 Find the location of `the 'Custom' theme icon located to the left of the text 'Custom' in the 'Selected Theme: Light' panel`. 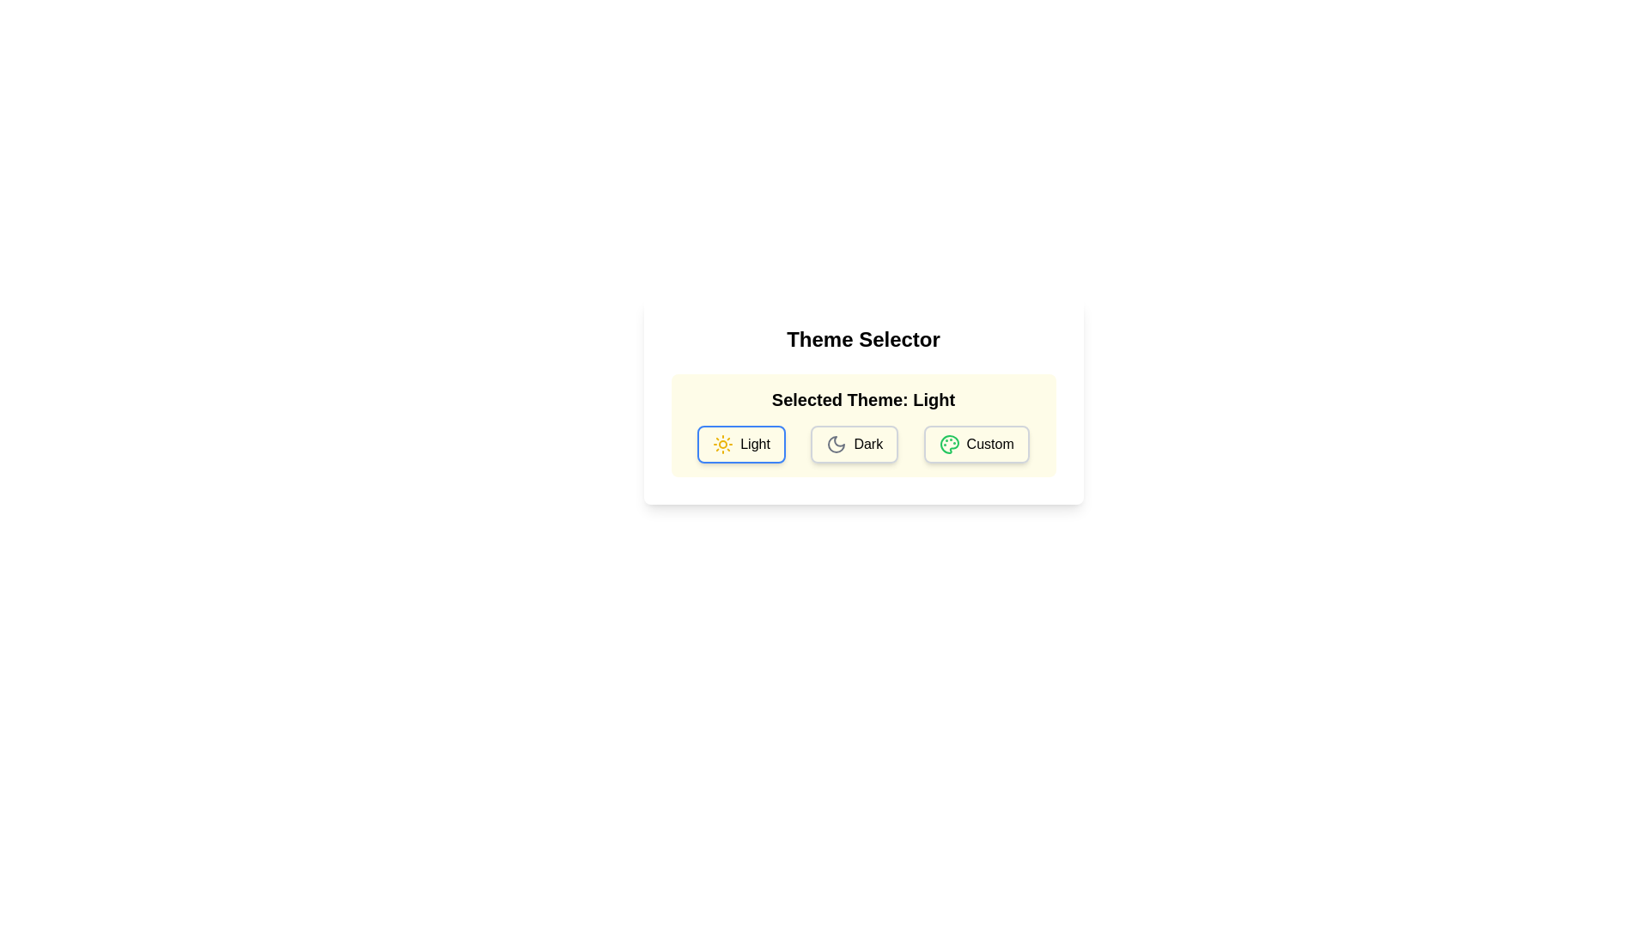

the 'Custom' theme icon located to the left of the text 'Custom' in the 'Selected Theme: Light' panel is located at coordinates (948, 443).